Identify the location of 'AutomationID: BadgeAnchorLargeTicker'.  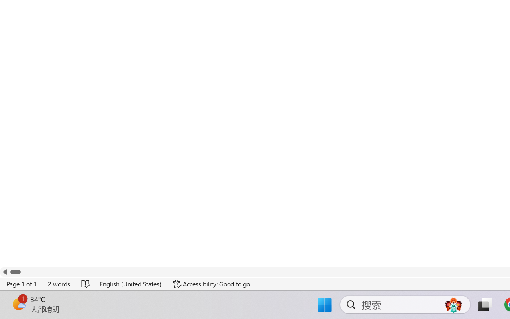
(18, 304).